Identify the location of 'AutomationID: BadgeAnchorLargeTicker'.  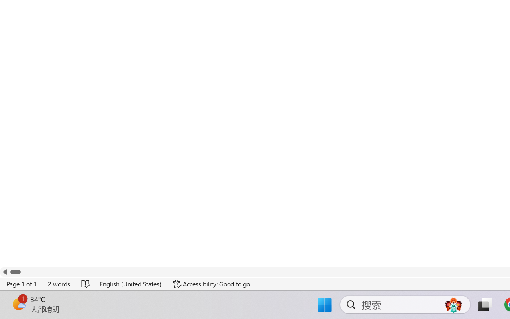
(18, 304).